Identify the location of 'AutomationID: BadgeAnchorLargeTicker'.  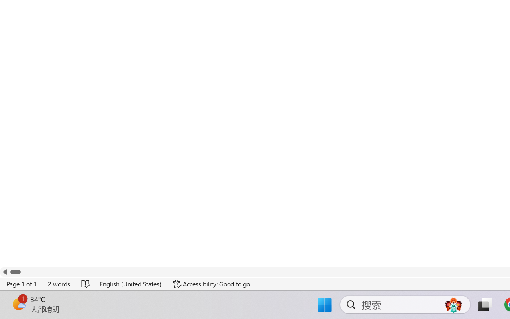
(18, 304).